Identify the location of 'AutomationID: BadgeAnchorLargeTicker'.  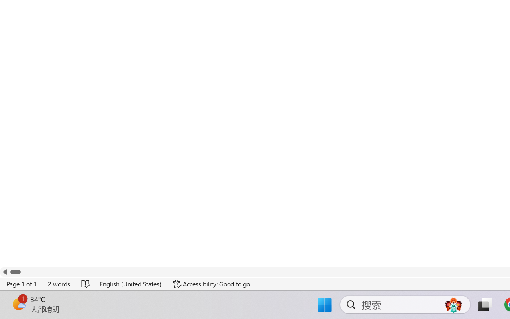
(18, 304).